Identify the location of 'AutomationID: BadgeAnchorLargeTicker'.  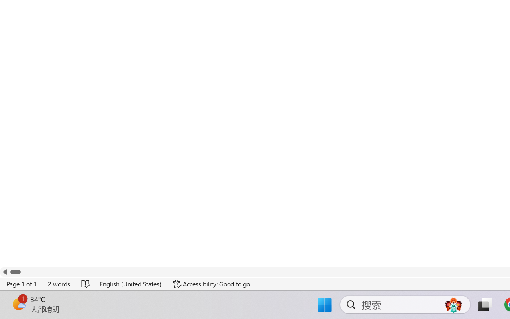
(18, 304).